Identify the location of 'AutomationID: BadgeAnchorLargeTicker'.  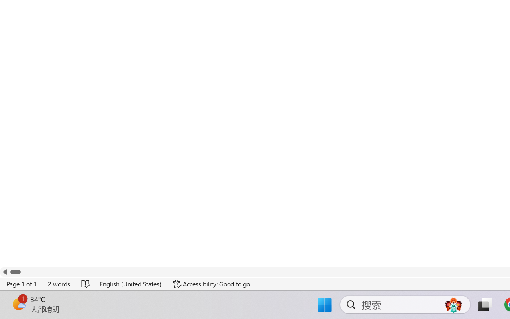
(18, 304).